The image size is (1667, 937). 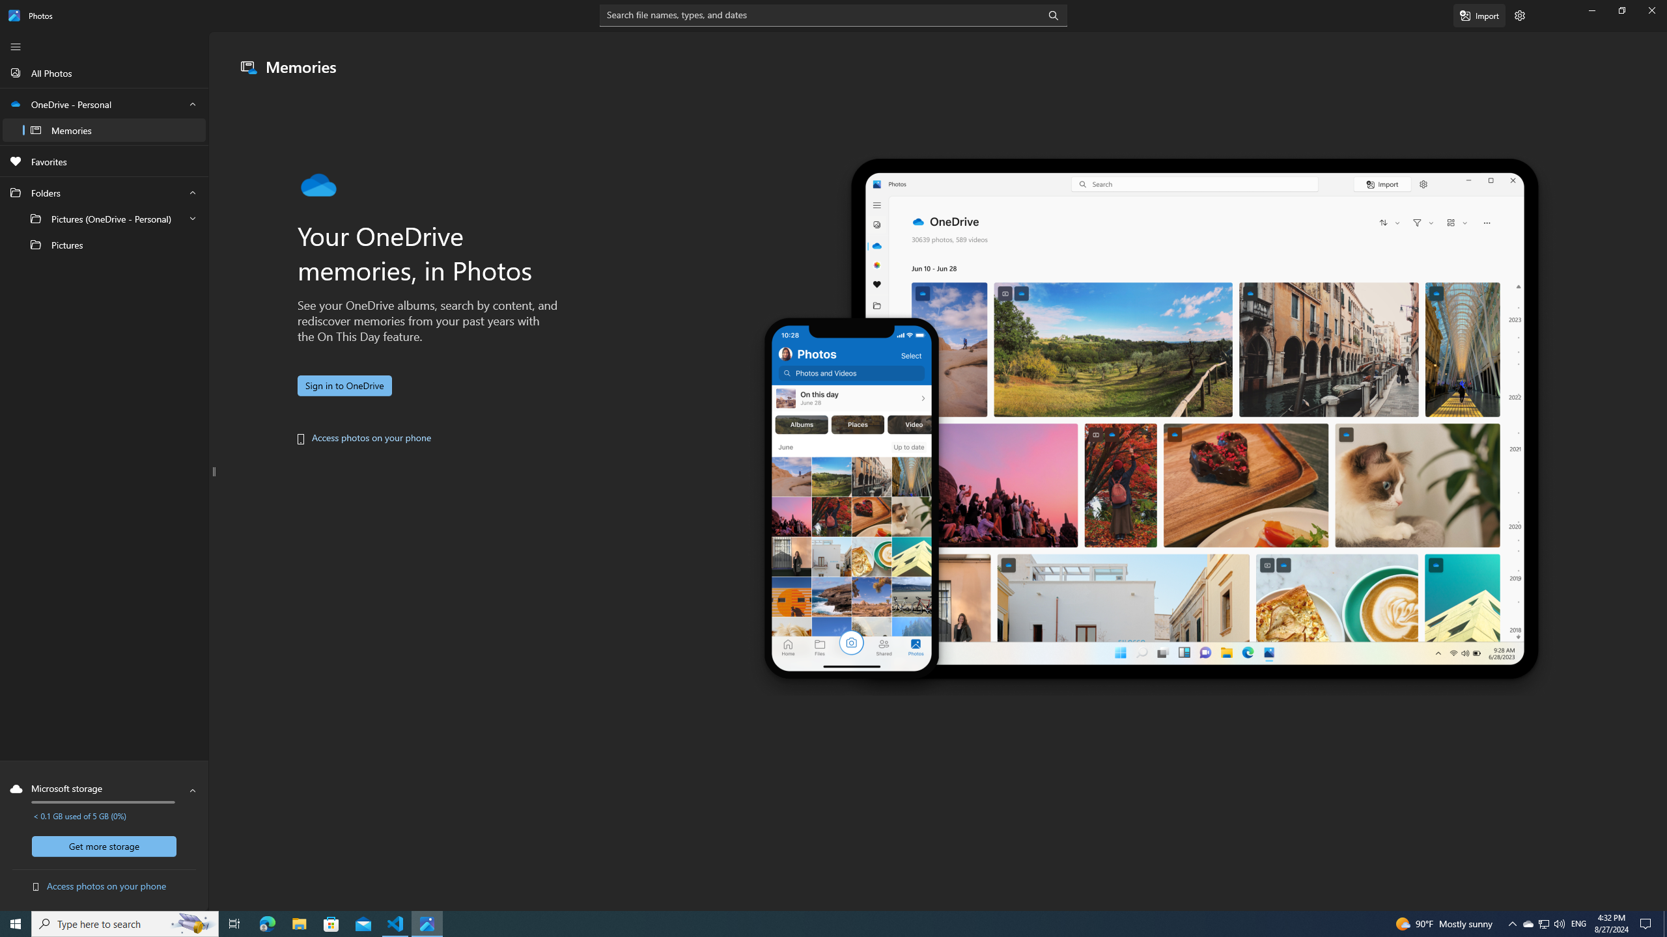 I want to click on 'Restore Photos', so click(x=1621, y=10).